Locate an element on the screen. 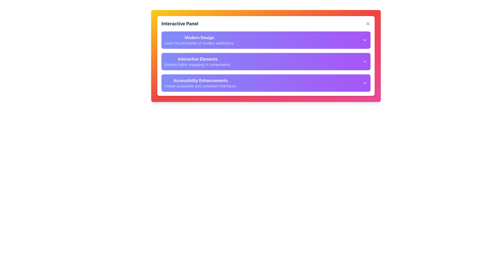 Image resolution: width=492 pixels, height=276 pixels. the section labeled 'Interactive Panel' is located at coordinates (180, 24).